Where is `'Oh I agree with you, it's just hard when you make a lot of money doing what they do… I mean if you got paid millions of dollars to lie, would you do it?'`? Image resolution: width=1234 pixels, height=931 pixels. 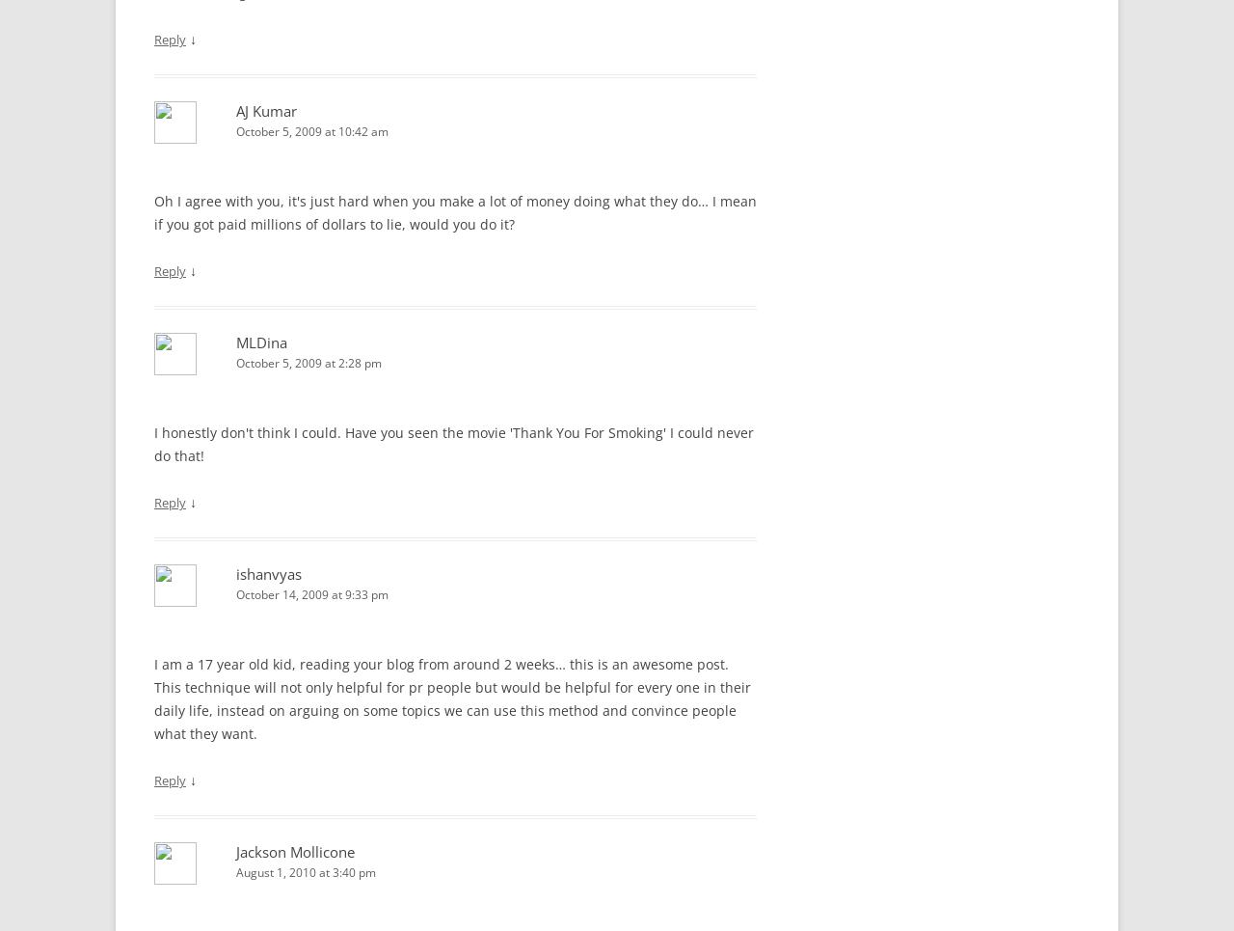 'Oh I agree with you, it's just hard when you make a lot of money doing what they do… I mean if you got paid millions of dollars to lie, would you do it?' is located at coordinates (454, 212).